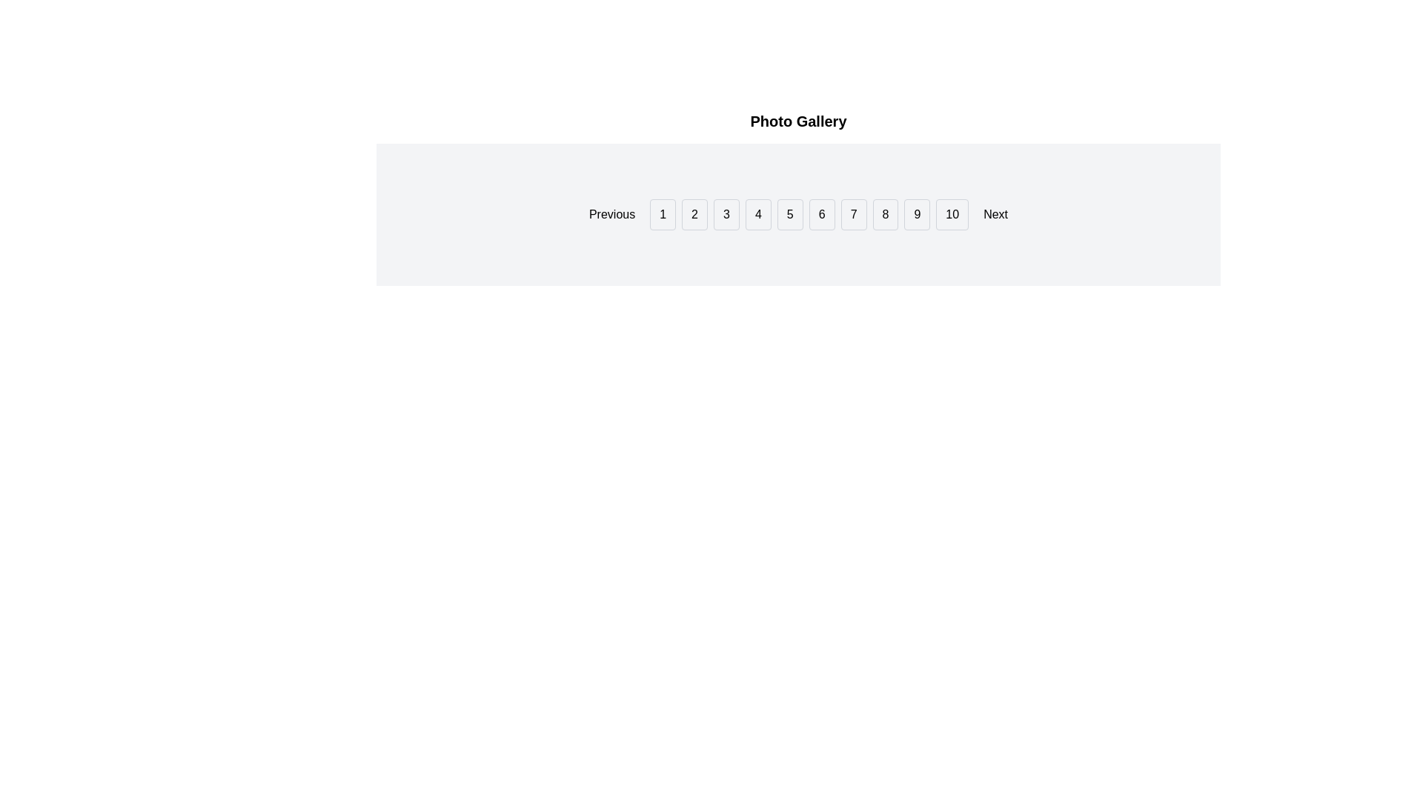  Describe the element at coordinates (662, 214) in the screenshot. I see `the 'First Page' button located between the 'Previous' button and the '2' button` at that location.